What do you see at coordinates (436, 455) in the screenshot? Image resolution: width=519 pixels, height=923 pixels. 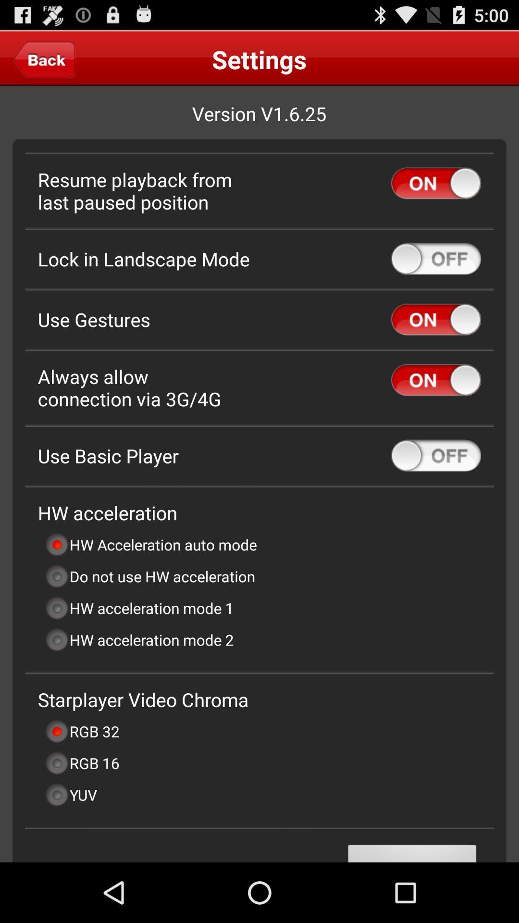 I see `turn basic player on/off` at bounding box center [436, 455].